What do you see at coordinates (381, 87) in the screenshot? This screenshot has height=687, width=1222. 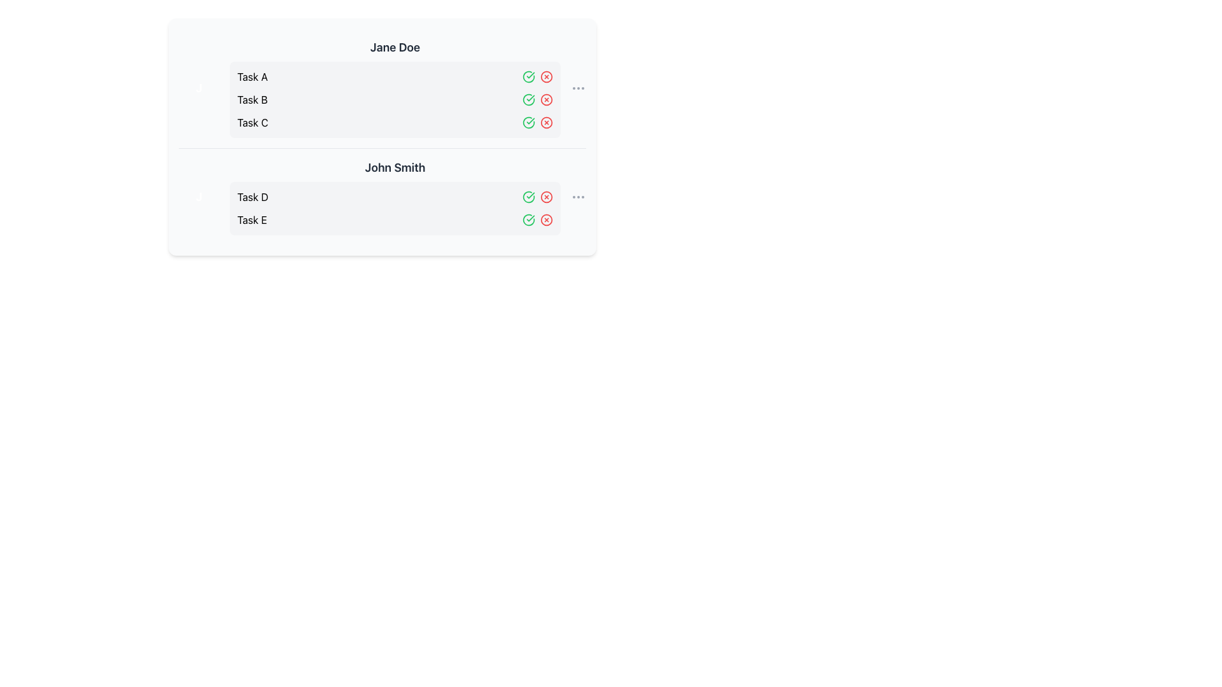 I see `the list item group displaying 'Jane Doe', which contains tasks 'Task A', 'Task B', and 'Task C'` at bounding box center [381, 87].